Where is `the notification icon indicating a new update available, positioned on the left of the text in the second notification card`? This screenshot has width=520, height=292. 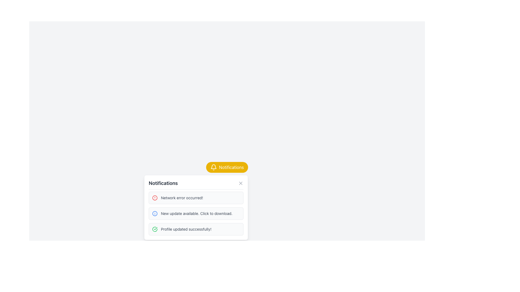
the notification icon indicating a new update available, positioned on the left of the text in the second notification card is located at coordinates (155, 213).